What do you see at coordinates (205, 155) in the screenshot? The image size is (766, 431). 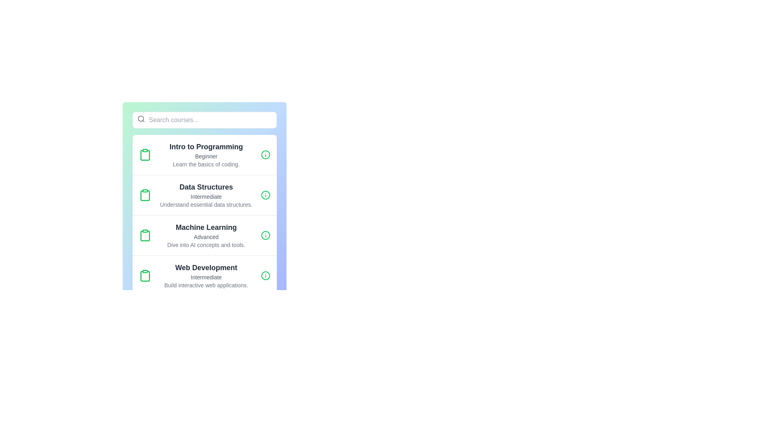 I see `the 'Intro to Programming' course card, which is the first item in the vertically stacked list of course modules located below the search bar` at bounding box center [205, 155].